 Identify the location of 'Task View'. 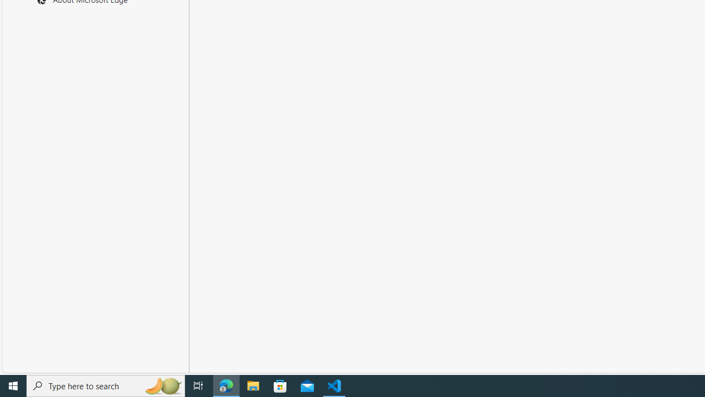
(198, 385).